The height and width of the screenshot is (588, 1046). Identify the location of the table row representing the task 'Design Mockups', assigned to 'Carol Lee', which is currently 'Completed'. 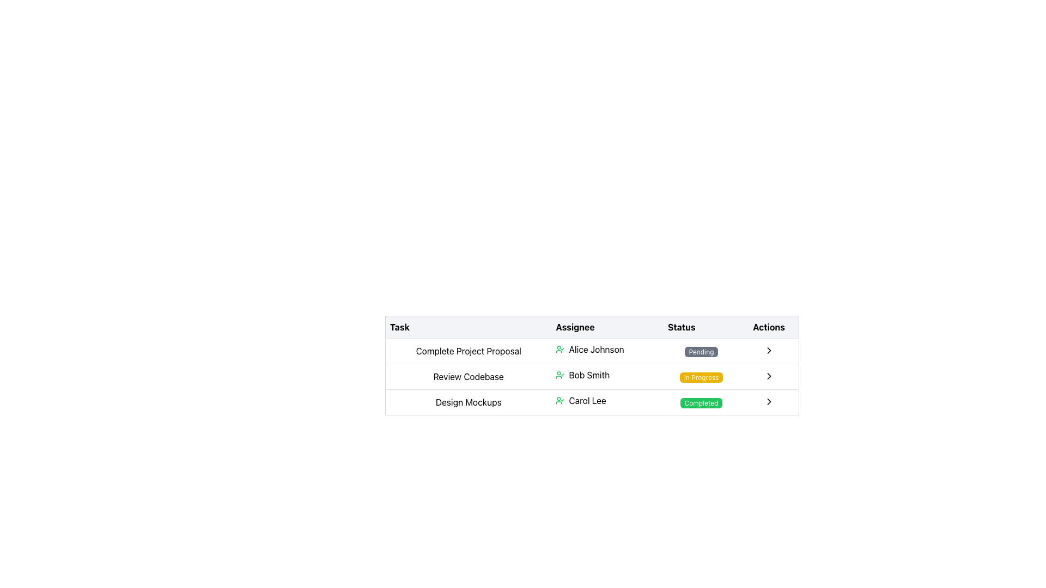
(591, 402).